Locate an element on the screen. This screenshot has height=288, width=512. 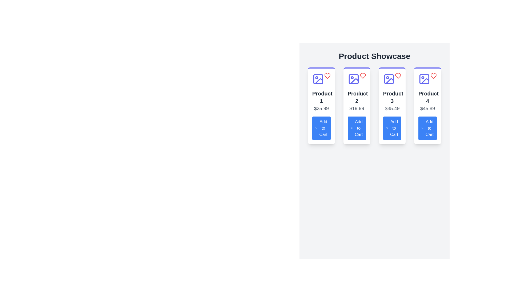
the text label 'Product 3' which is located at the top of the third product card, above the price label and 'Add to Cart' button is located at coordinates (392, 97).